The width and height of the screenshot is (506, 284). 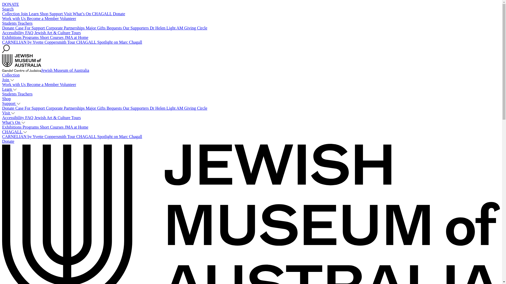 I want to click on 'Teachers', so click(x=25, y=94).